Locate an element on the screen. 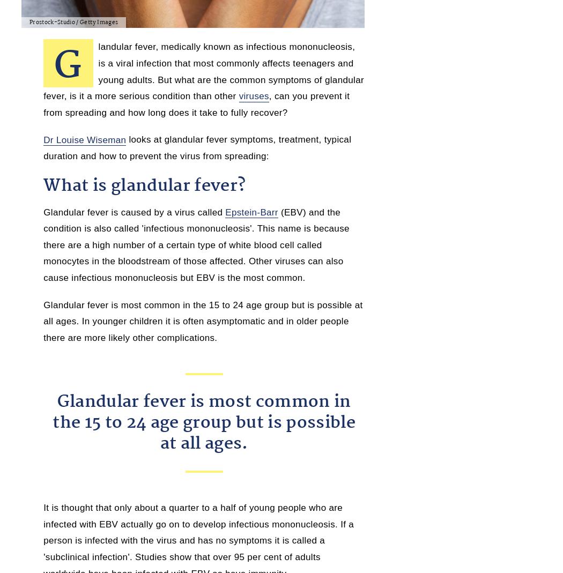  'looks at glandular fever symptoms, treatment, typical duration and how to prevent the virus from spreading:' is located at coordinates (197, 147).